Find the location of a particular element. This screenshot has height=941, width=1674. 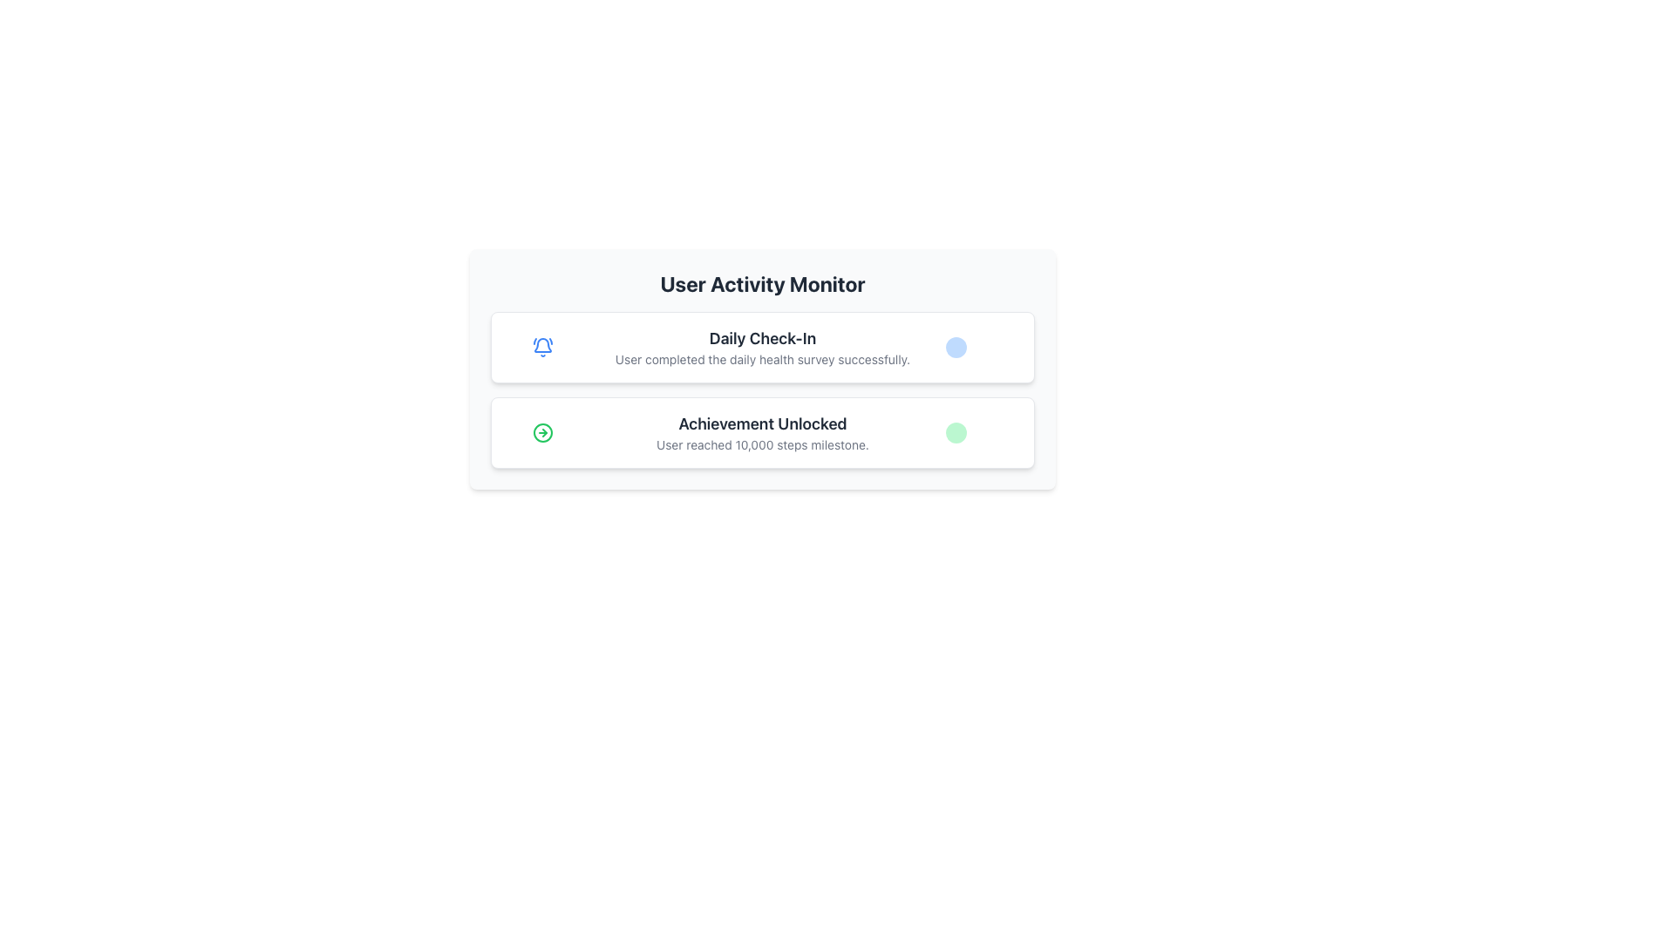

the blue bell icon with ringing effects located at the center of the top row in the 'User Activity Monitor' section is located at coordinates (541, 347).